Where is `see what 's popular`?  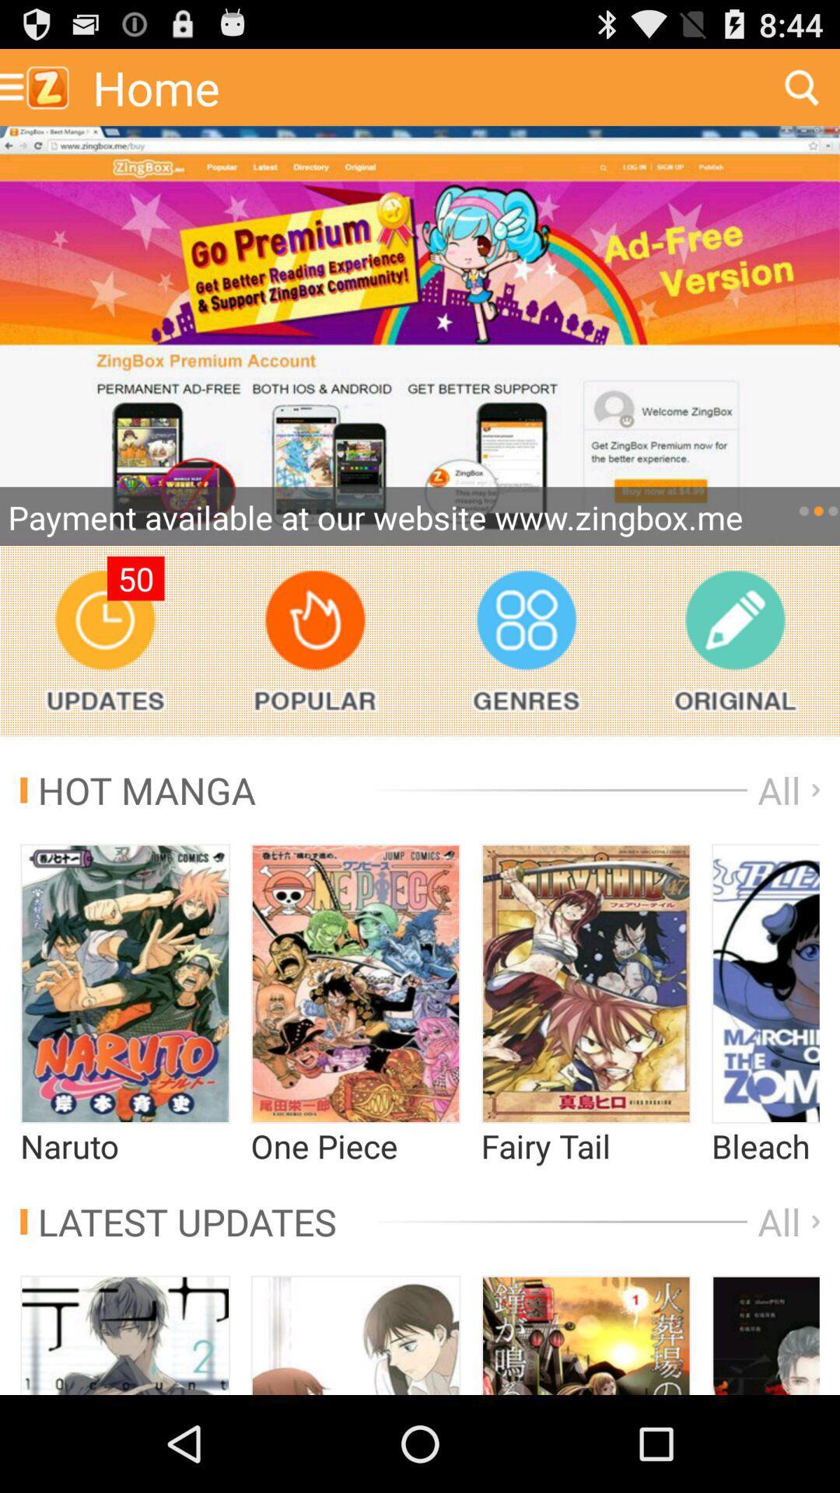 see what 's popular is located at coordinates (315, 641).